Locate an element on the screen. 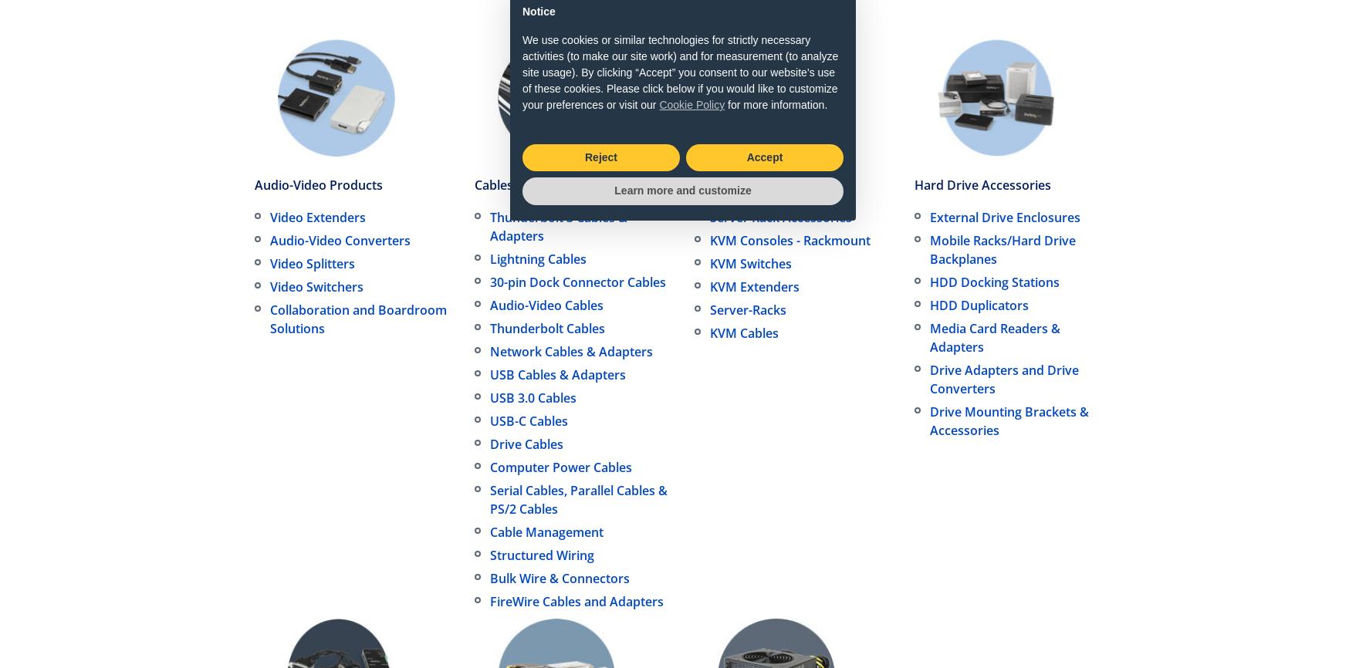 This screenshot has width=1366, height=668. 'Video Extenders' is located at coordinates (317, 216).